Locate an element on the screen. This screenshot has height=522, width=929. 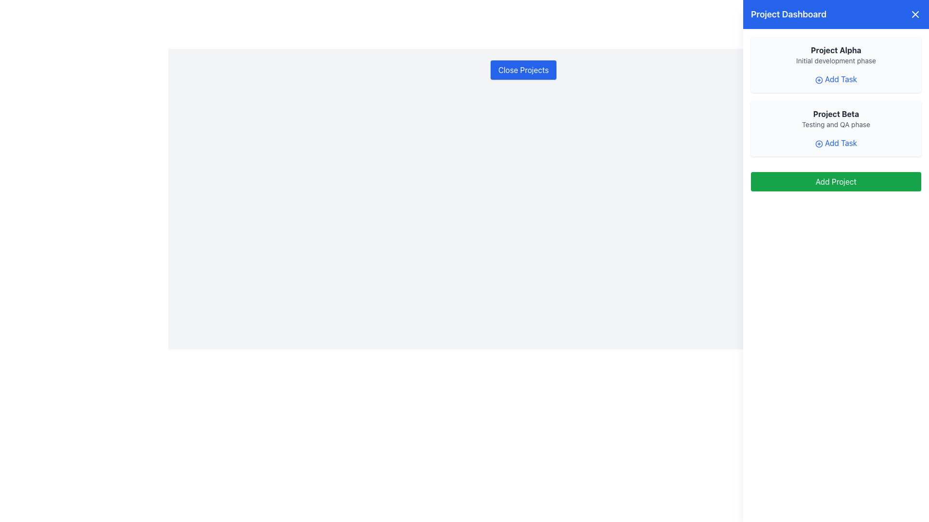
the SVG circle icon located to the left of the 'Add Task' text under 'Project Beta' in the sidebar, which signifies the ability to add a task is located at coordinates (818, 144).